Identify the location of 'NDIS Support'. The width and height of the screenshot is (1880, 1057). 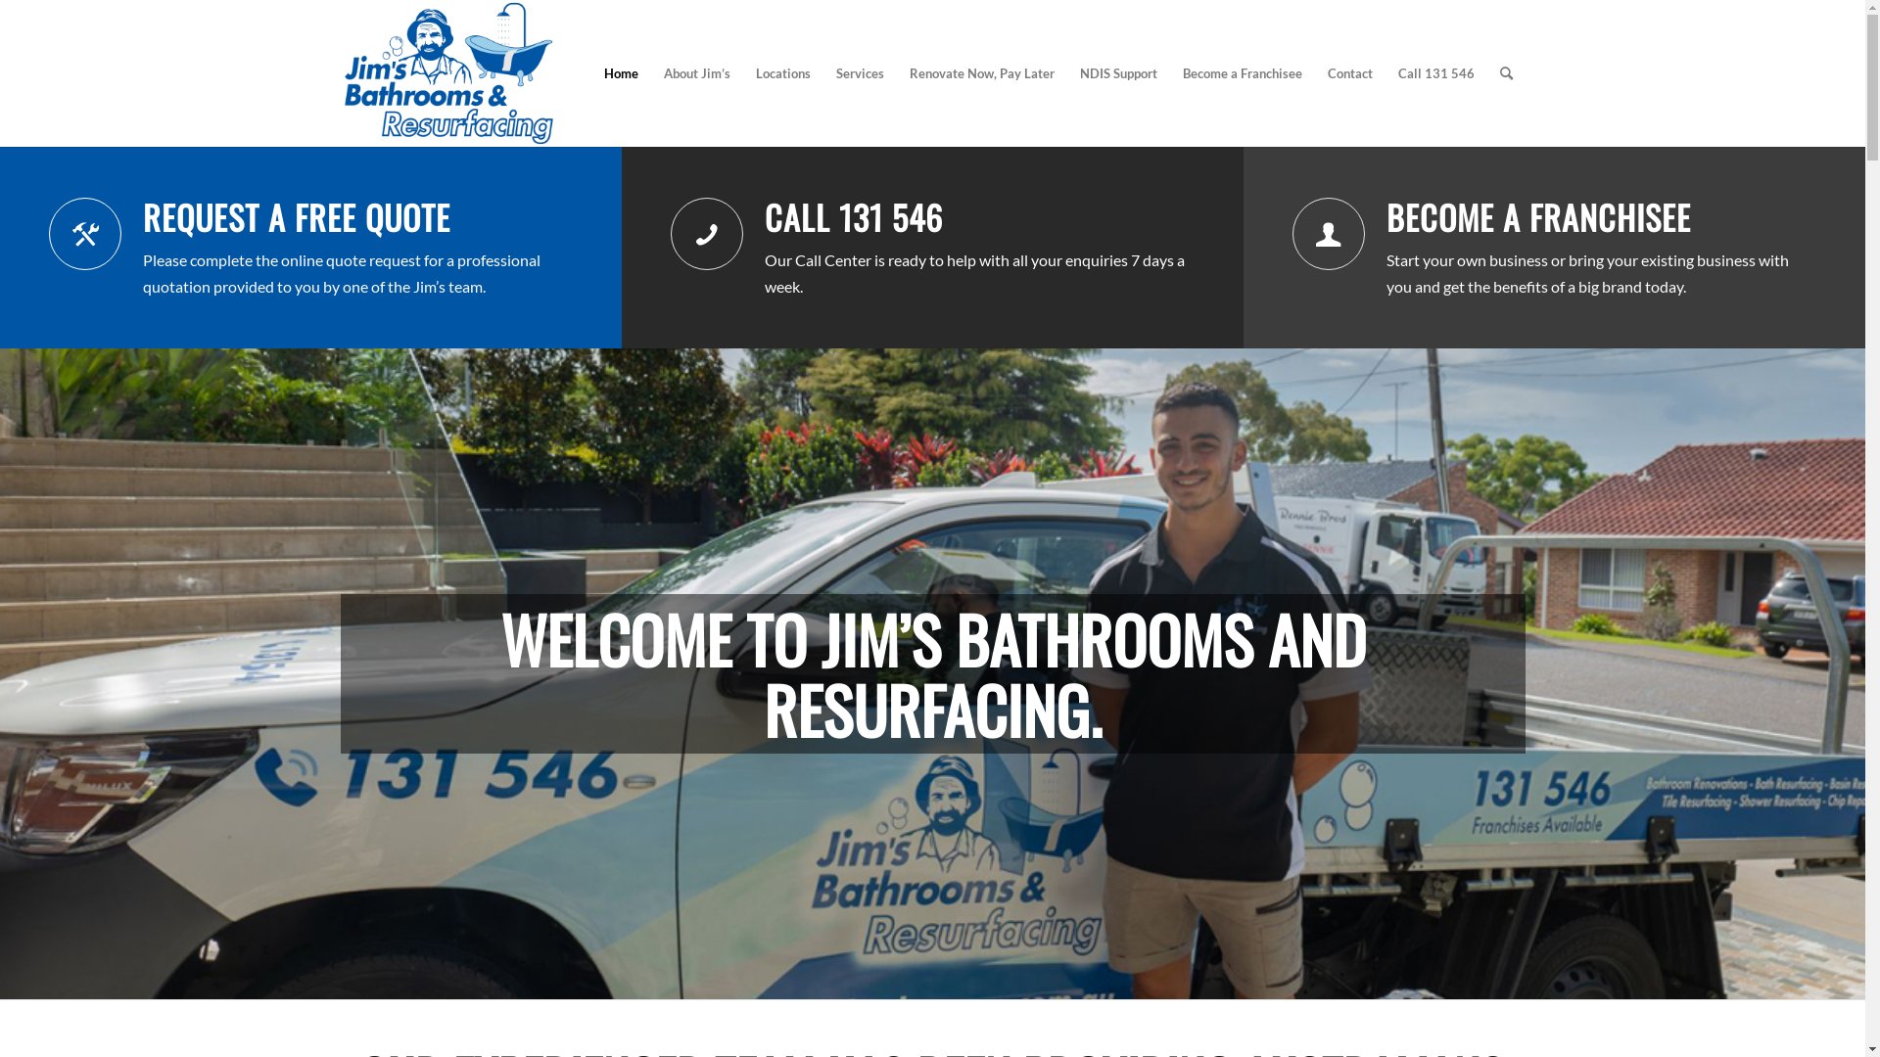
(1118, 71).